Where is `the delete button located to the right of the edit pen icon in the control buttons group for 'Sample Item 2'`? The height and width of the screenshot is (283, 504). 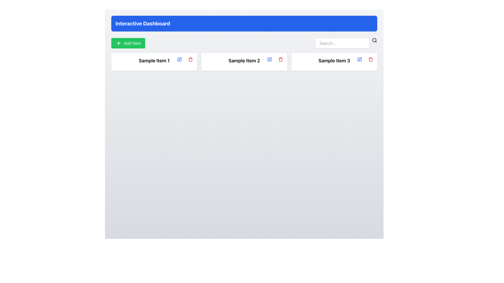
the delete button located to the right of the edit pen icon in the control buttons group for 'Sample Item 2' is located at coordinates (280, 59).